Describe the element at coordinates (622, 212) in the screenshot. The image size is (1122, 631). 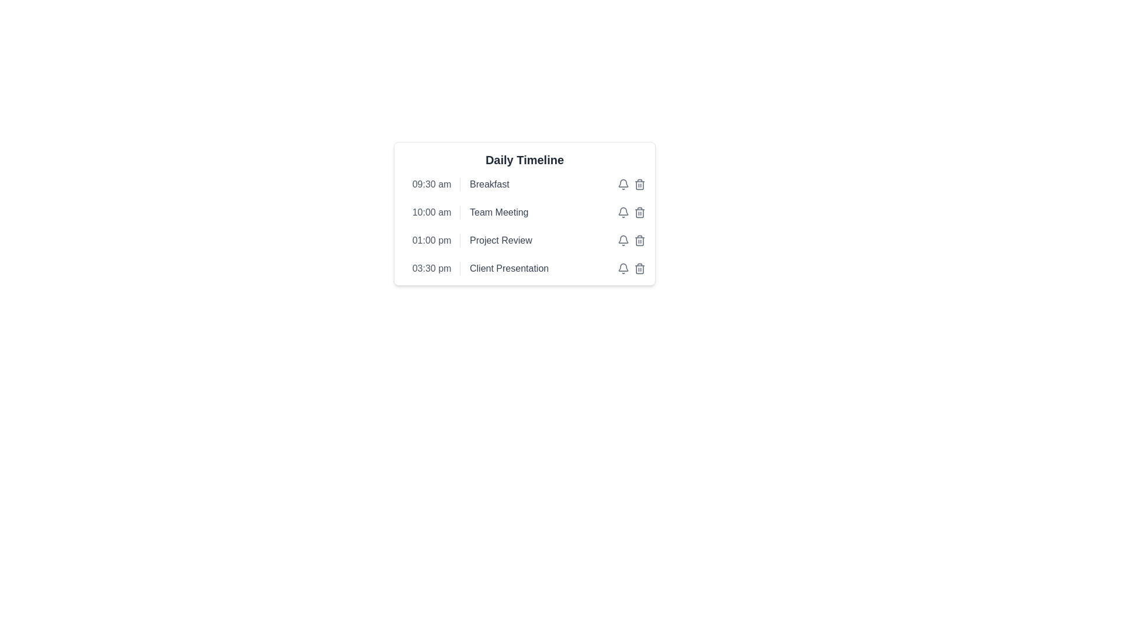
I see `the gray bell icon button located next to the 'Team Meeting' entry in the timeline list, which changes to blue on hover` at that location.